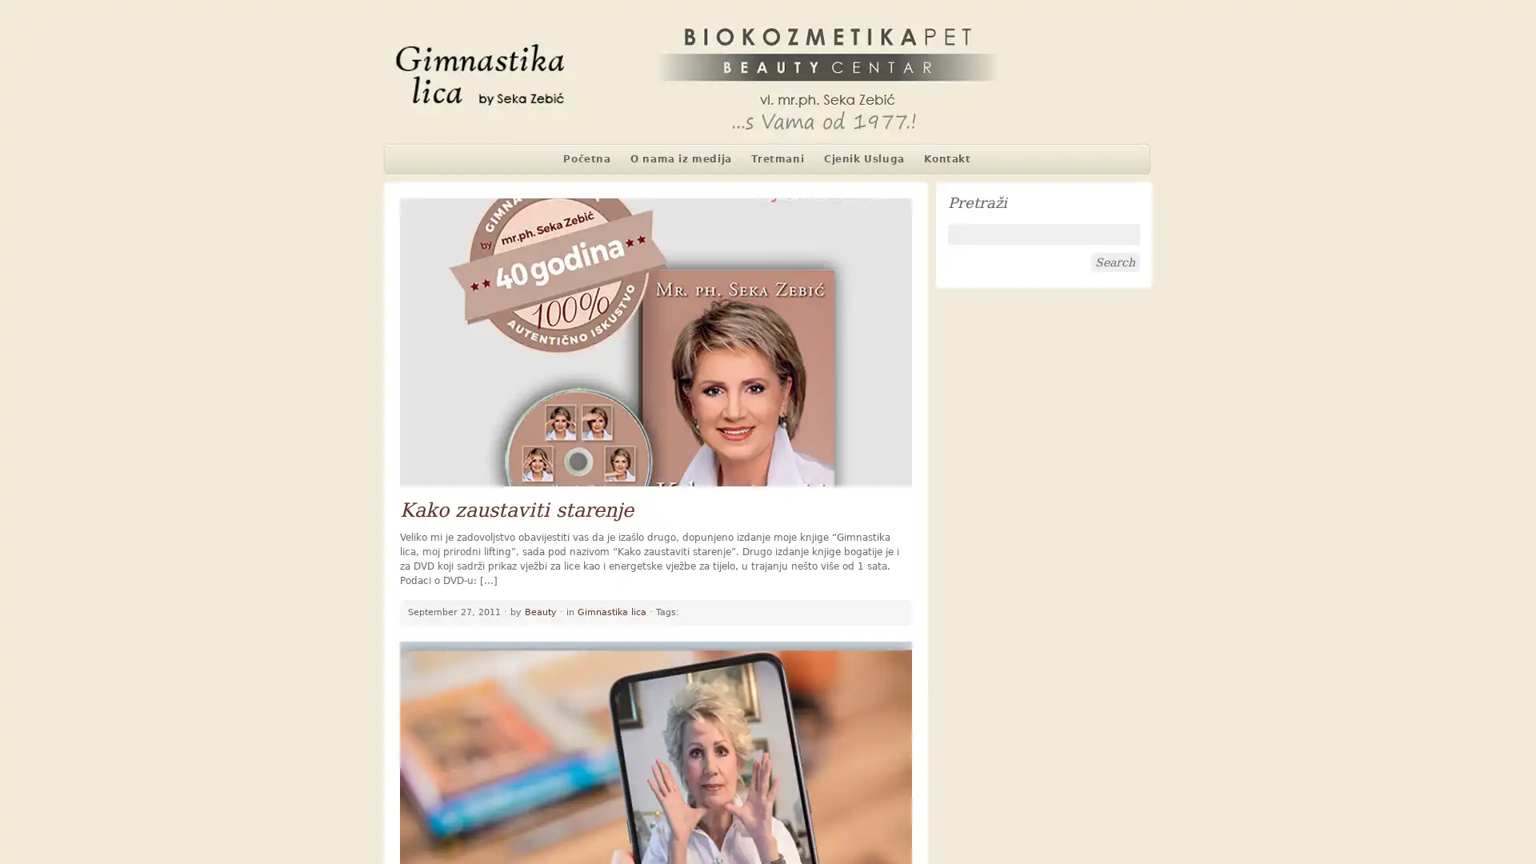 Image resolution: width=1536 pixels, height=864 pixels. I want to click on Search, so click(1114, 261).